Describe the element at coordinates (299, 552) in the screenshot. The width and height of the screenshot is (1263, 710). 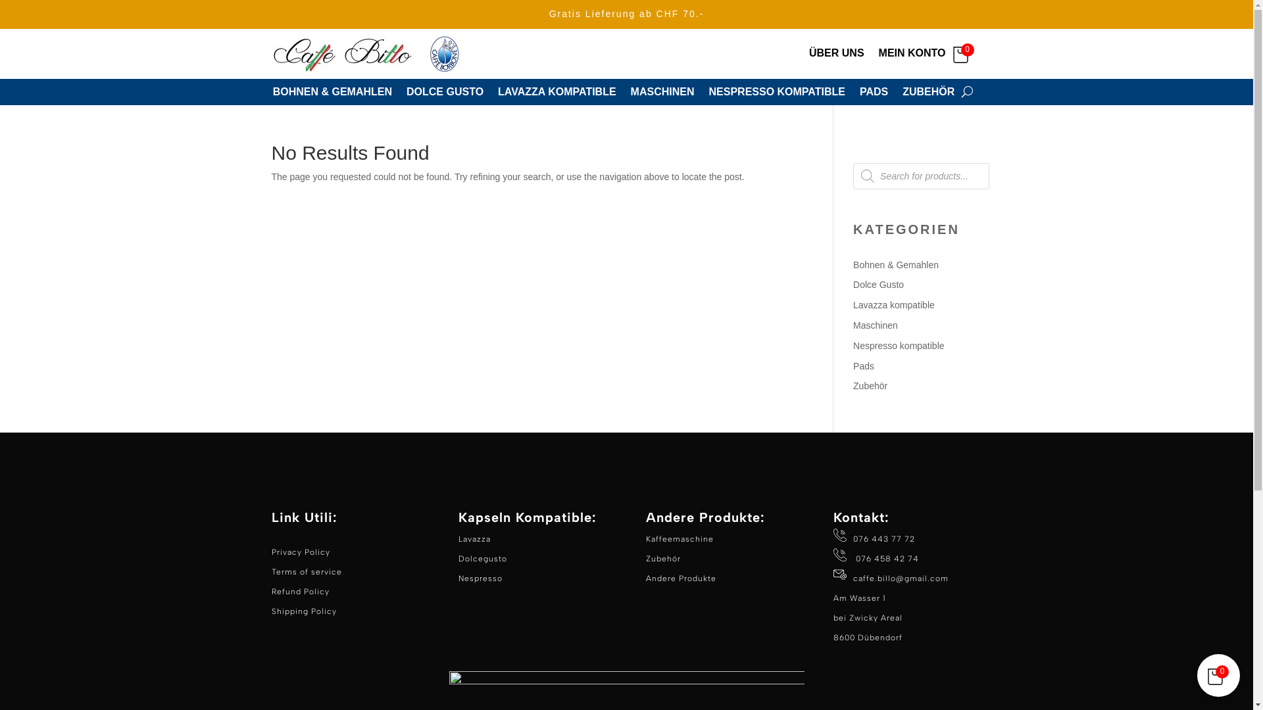
I see `'Privacy Policy'` at that location.